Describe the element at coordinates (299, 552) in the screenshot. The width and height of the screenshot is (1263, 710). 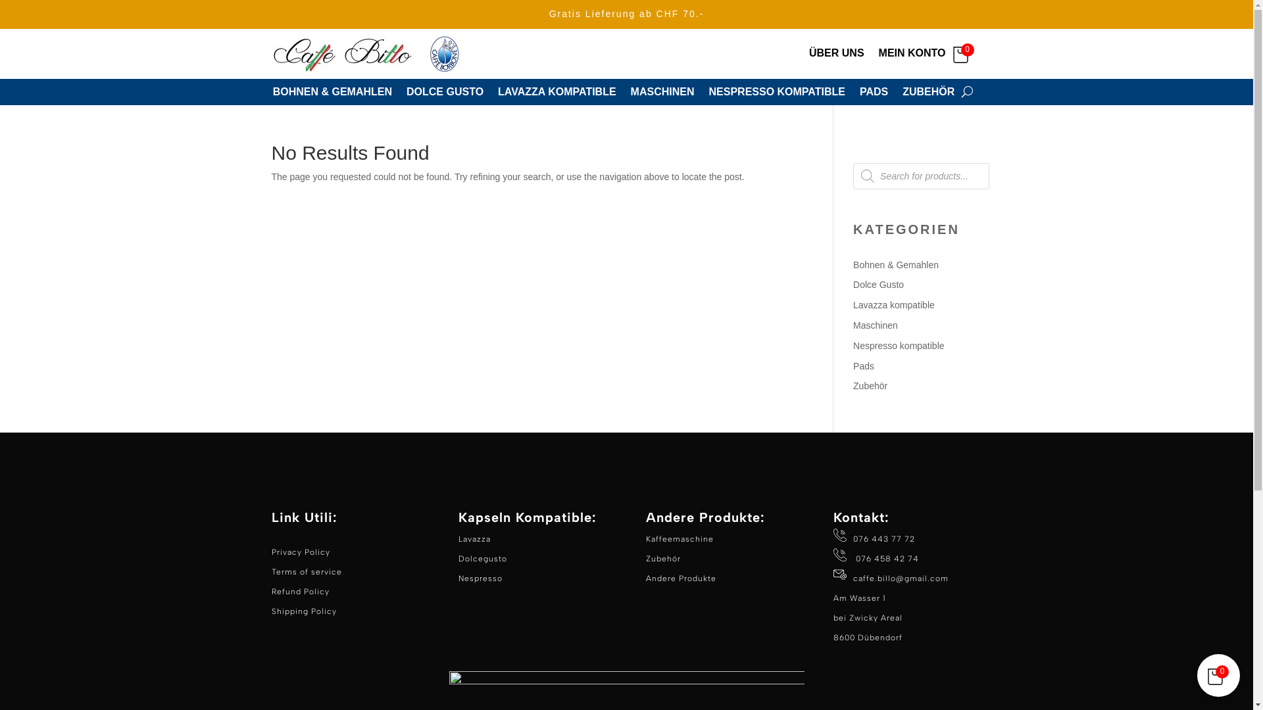
I see `'Privacy Policy'` at that location.